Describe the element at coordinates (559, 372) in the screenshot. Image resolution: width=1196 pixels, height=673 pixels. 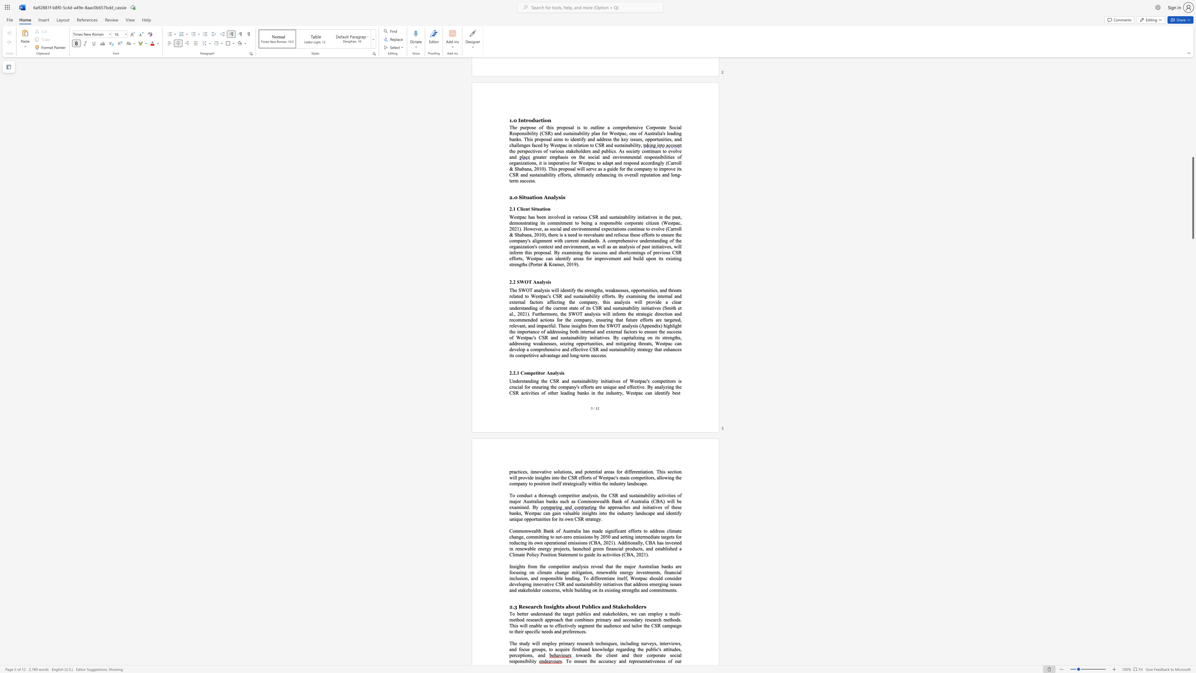
I see `the subset text "si" within the text "2.2.1 Competitor Analysis"` at that location.